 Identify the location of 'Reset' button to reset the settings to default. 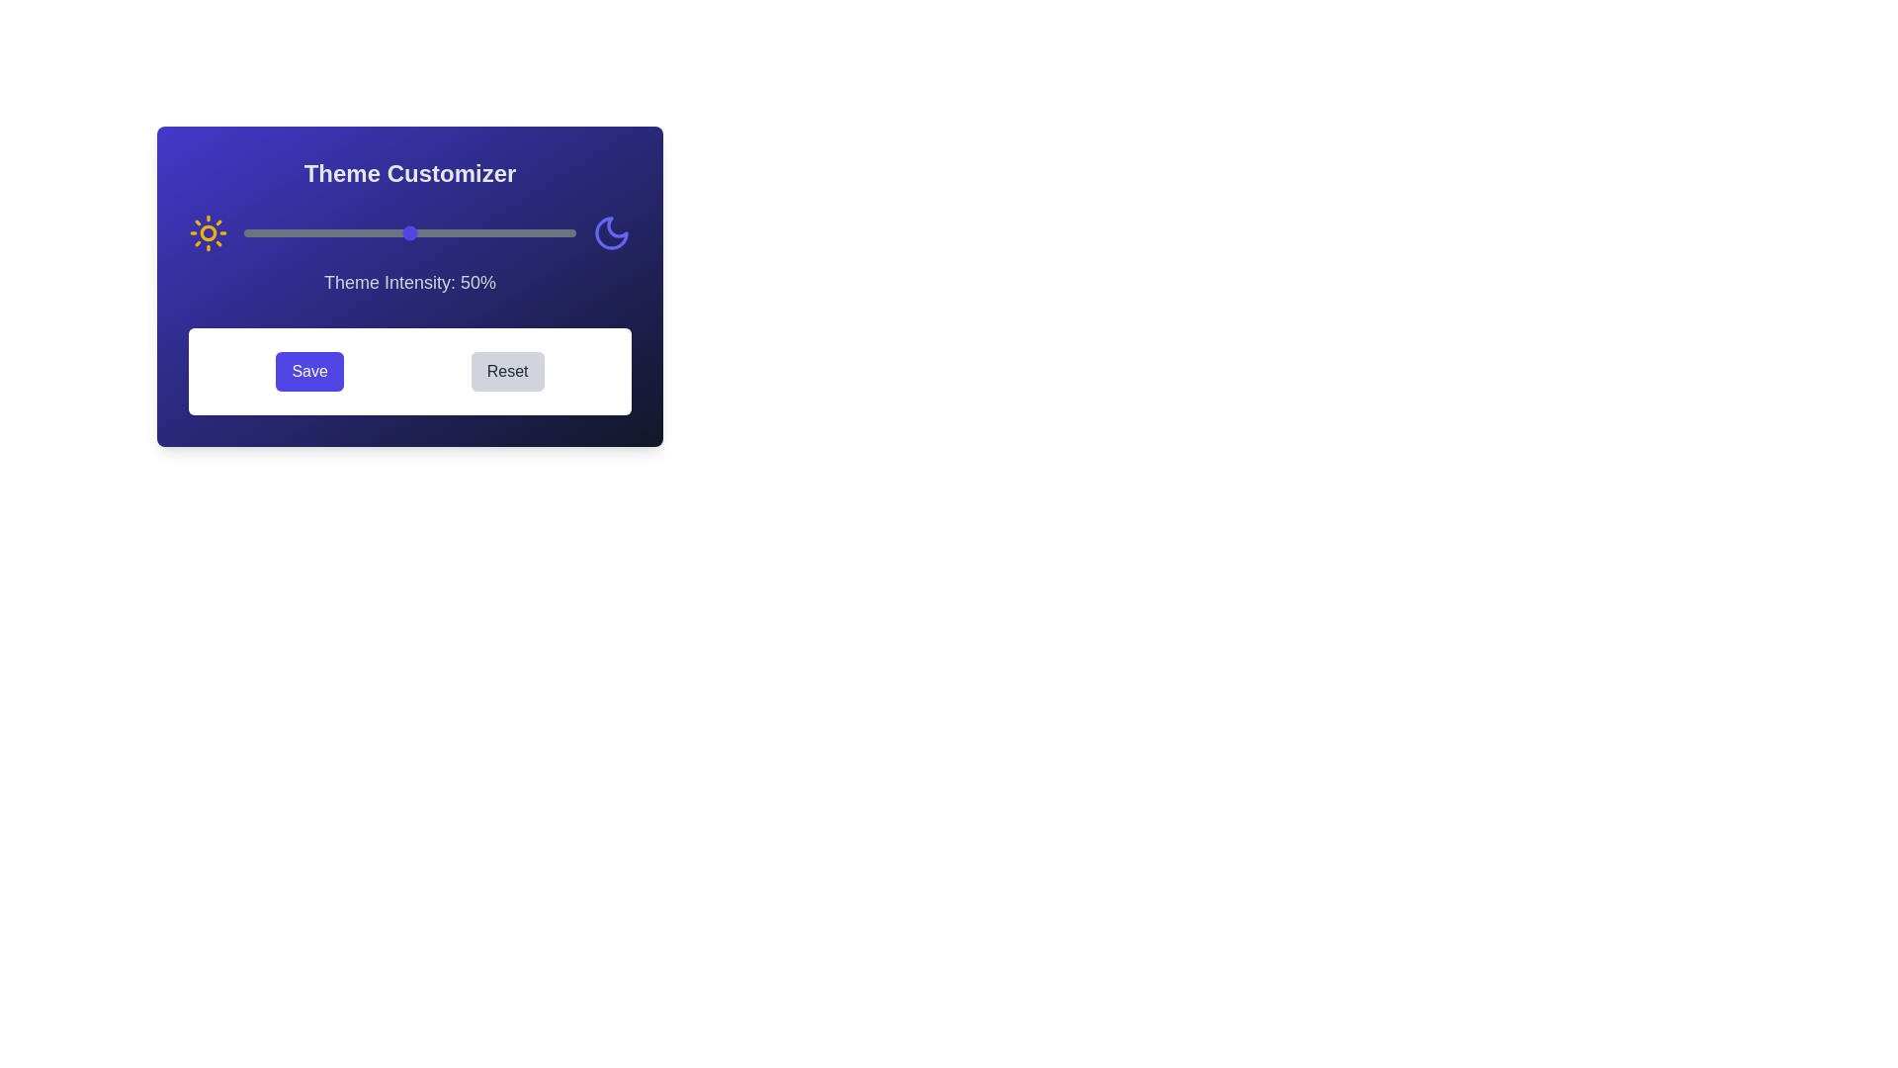
(507, 371).